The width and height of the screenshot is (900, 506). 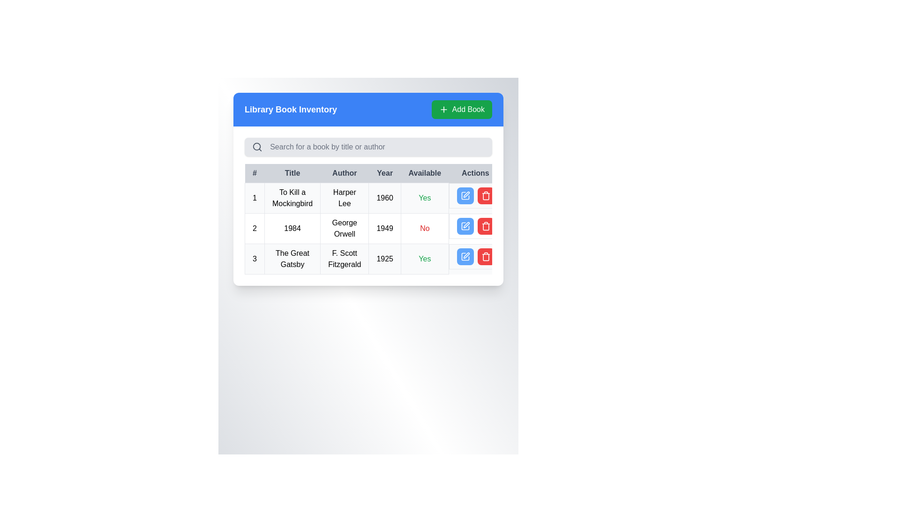 What do you see at coordinates (465, 226) in the screenshot?
I see `the second graphical icon in the 'Actions' column of the second row in the table, which represents an edit or modification action` at bounding box center [465, 226].